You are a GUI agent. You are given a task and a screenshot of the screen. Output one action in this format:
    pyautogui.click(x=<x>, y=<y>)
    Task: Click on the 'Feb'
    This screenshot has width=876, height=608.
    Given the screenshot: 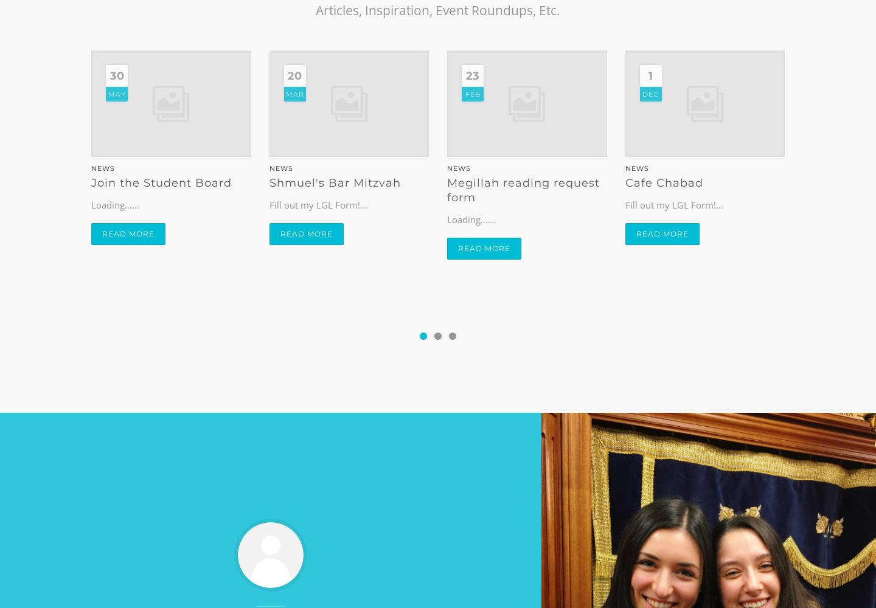 What is the action you would take?
    pyautogui.click(x=464, y=94)
    